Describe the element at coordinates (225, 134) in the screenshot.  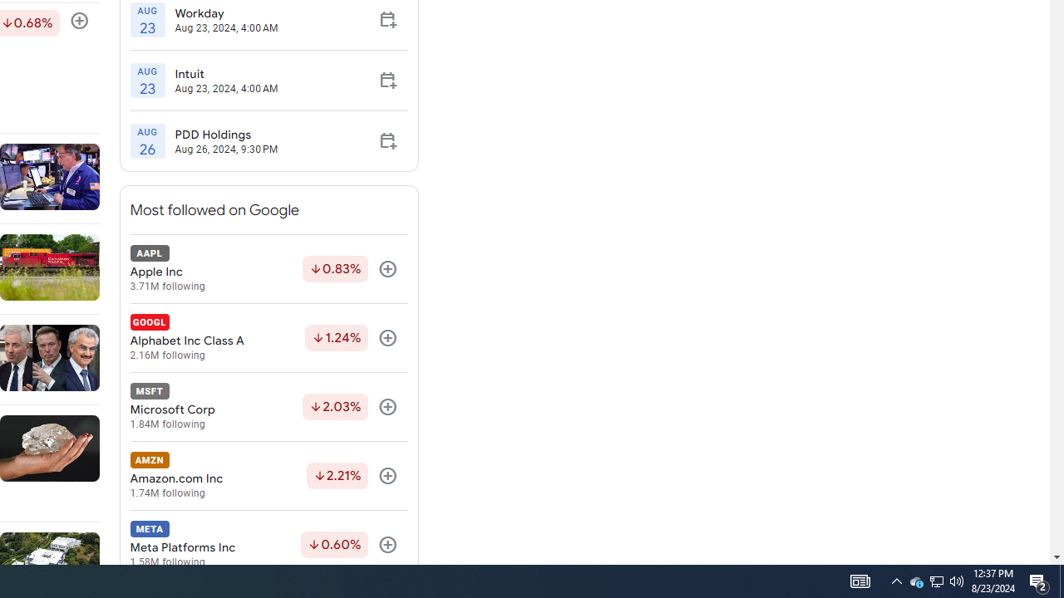
I see `'PDD Holdings'` at that location.